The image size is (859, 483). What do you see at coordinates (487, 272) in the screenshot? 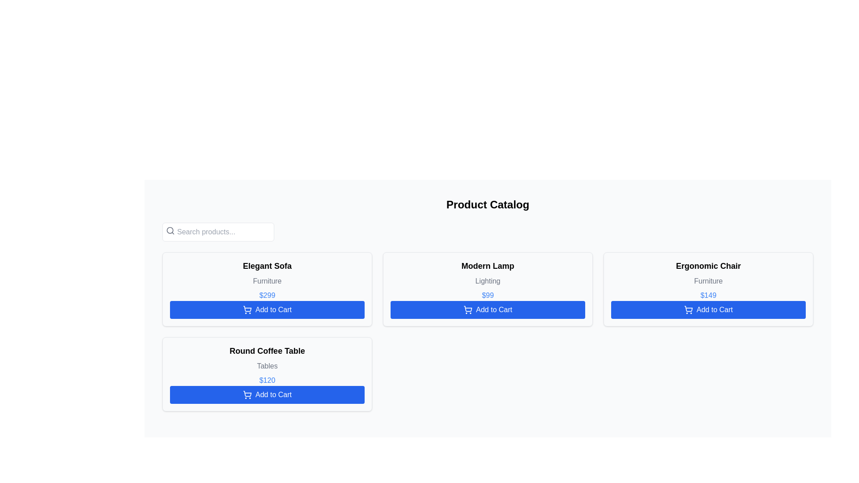
I see `text label displaying the title 'Modern Lamp' and its category located in the central tile of the product display` at bounding box center [487, 272].